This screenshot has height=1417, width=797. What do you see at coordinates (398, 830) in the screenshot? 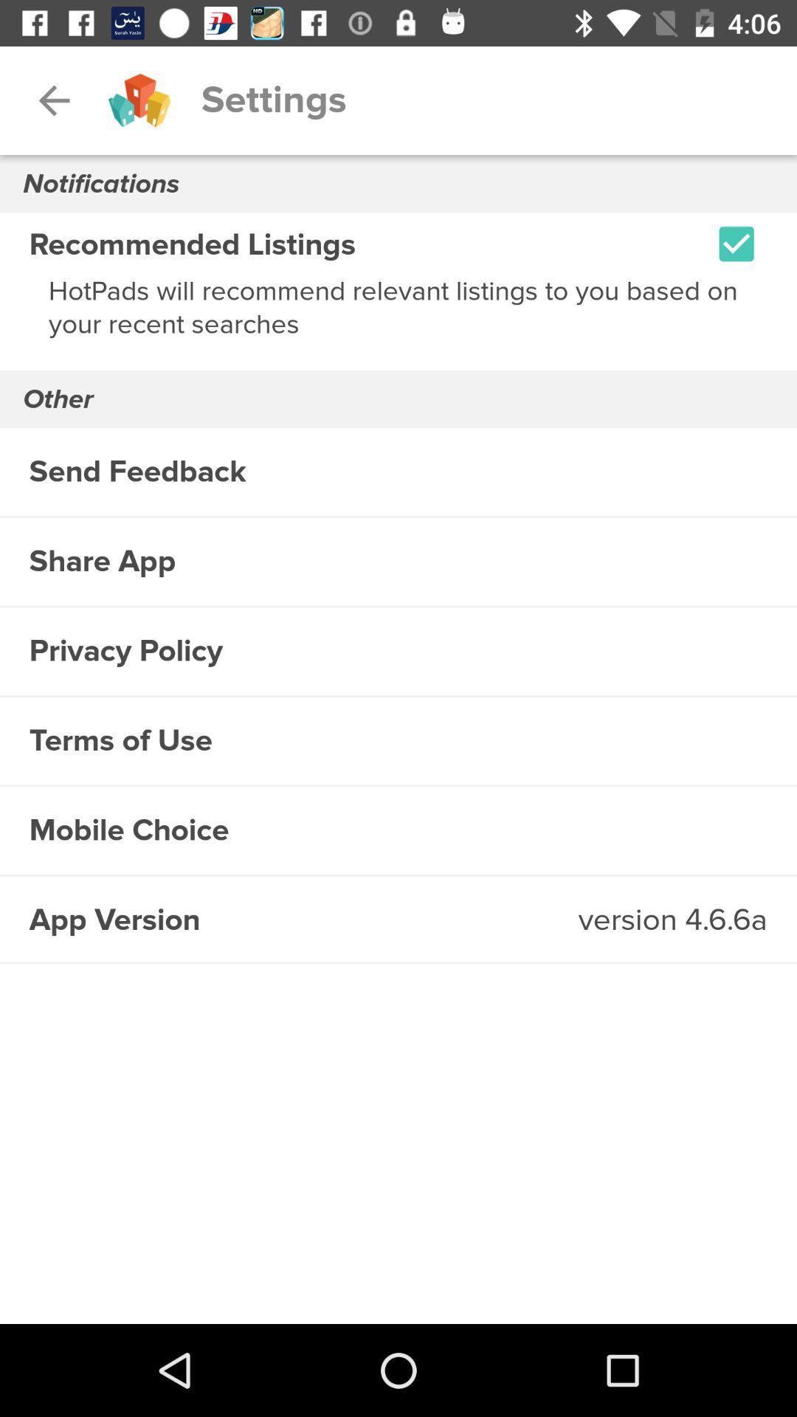
I see `mobile choice` at bounding box center [398, 830].